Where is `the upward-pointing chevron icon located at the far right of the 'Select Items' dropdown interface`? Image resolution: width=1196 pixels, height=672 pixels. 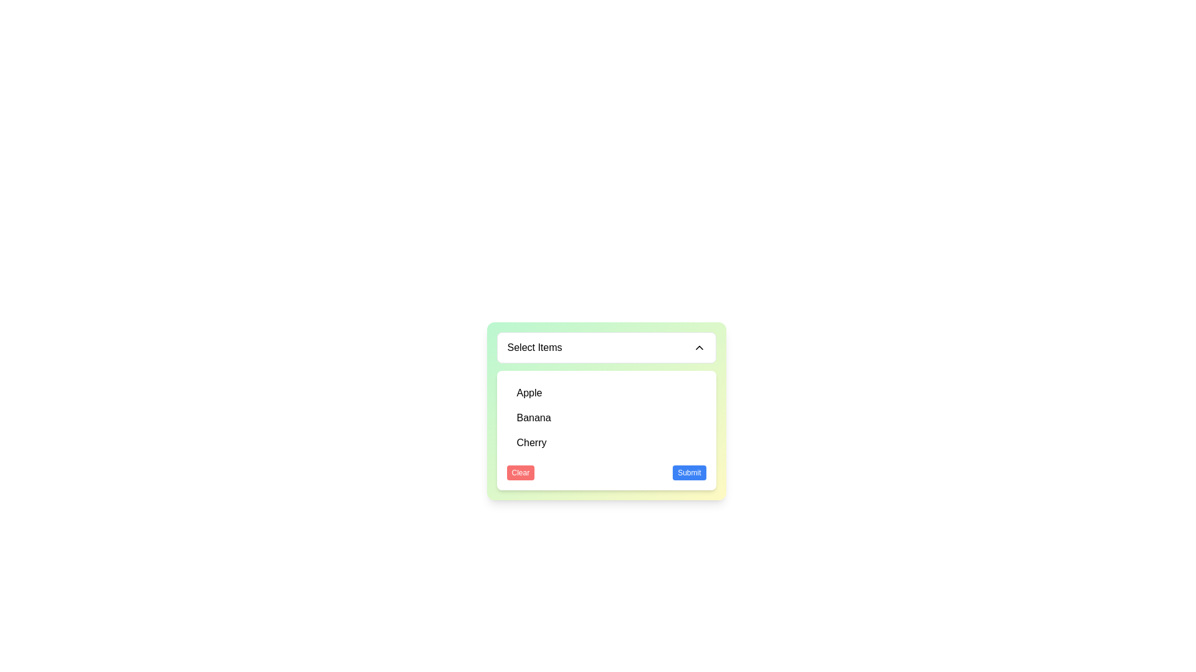 the upward-pointing chevron icon located at the far right of the 'Select Items' dropdown interface is located at coordinates (699, 348).